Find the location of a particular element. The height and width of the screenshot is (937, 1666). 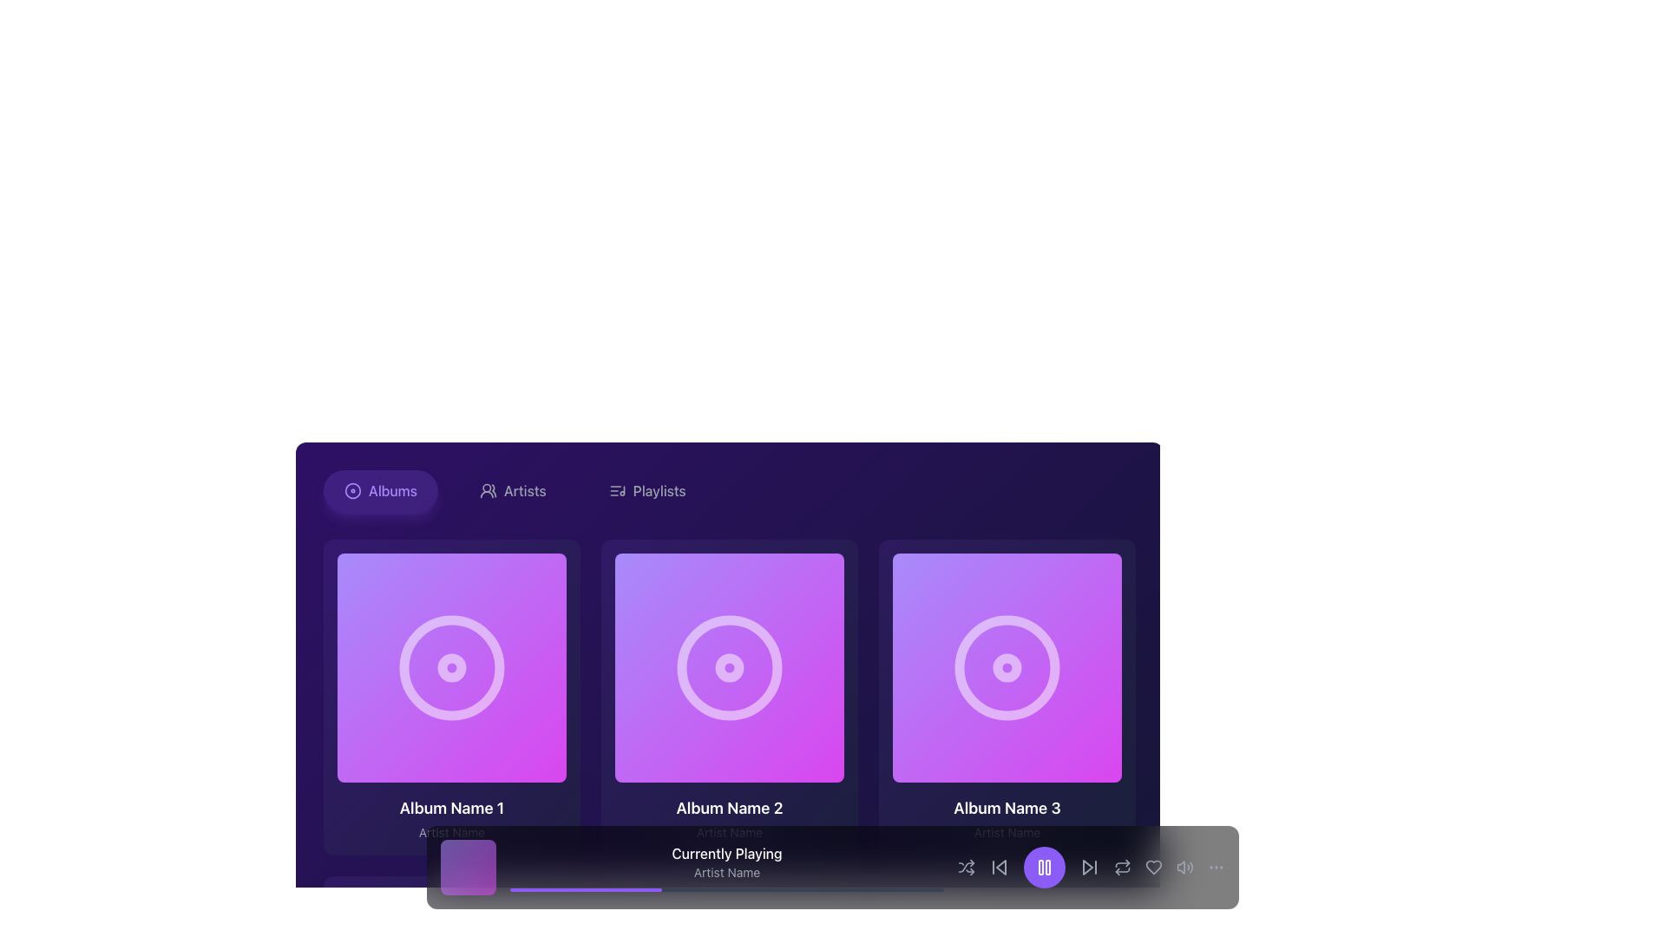

the 'Albums' button, which features a circular disc icon and is styled in violet, located at the leftmost position of the navigation bar is located at coordinates (379, 491).